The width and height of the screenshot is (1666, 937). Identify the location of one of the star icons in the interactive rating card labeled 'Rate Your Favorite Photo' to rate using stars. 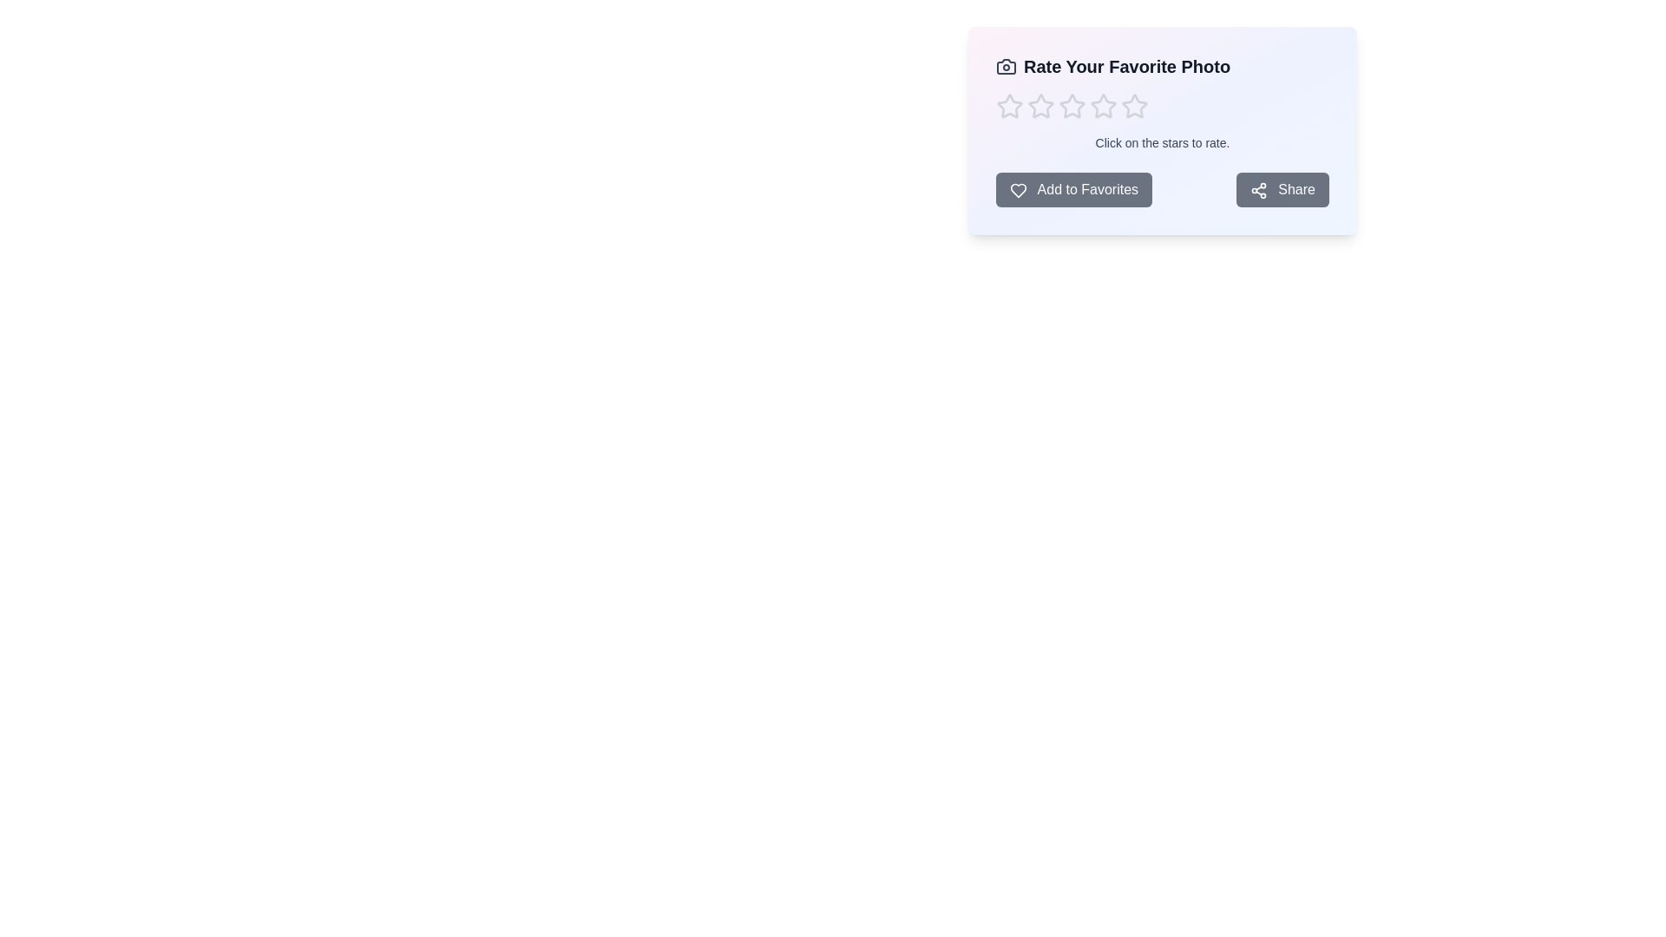
(1162, 129).